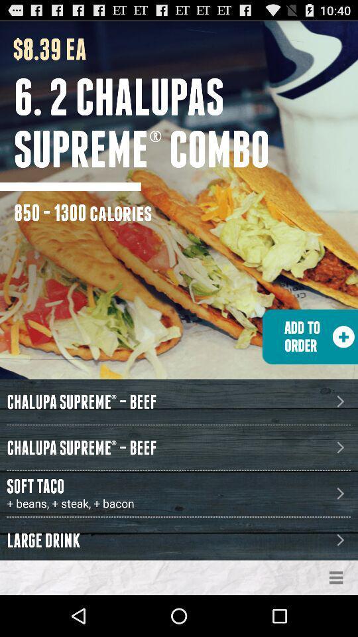  I want to click on item below $8.39 ea icon, so click(185, 123).